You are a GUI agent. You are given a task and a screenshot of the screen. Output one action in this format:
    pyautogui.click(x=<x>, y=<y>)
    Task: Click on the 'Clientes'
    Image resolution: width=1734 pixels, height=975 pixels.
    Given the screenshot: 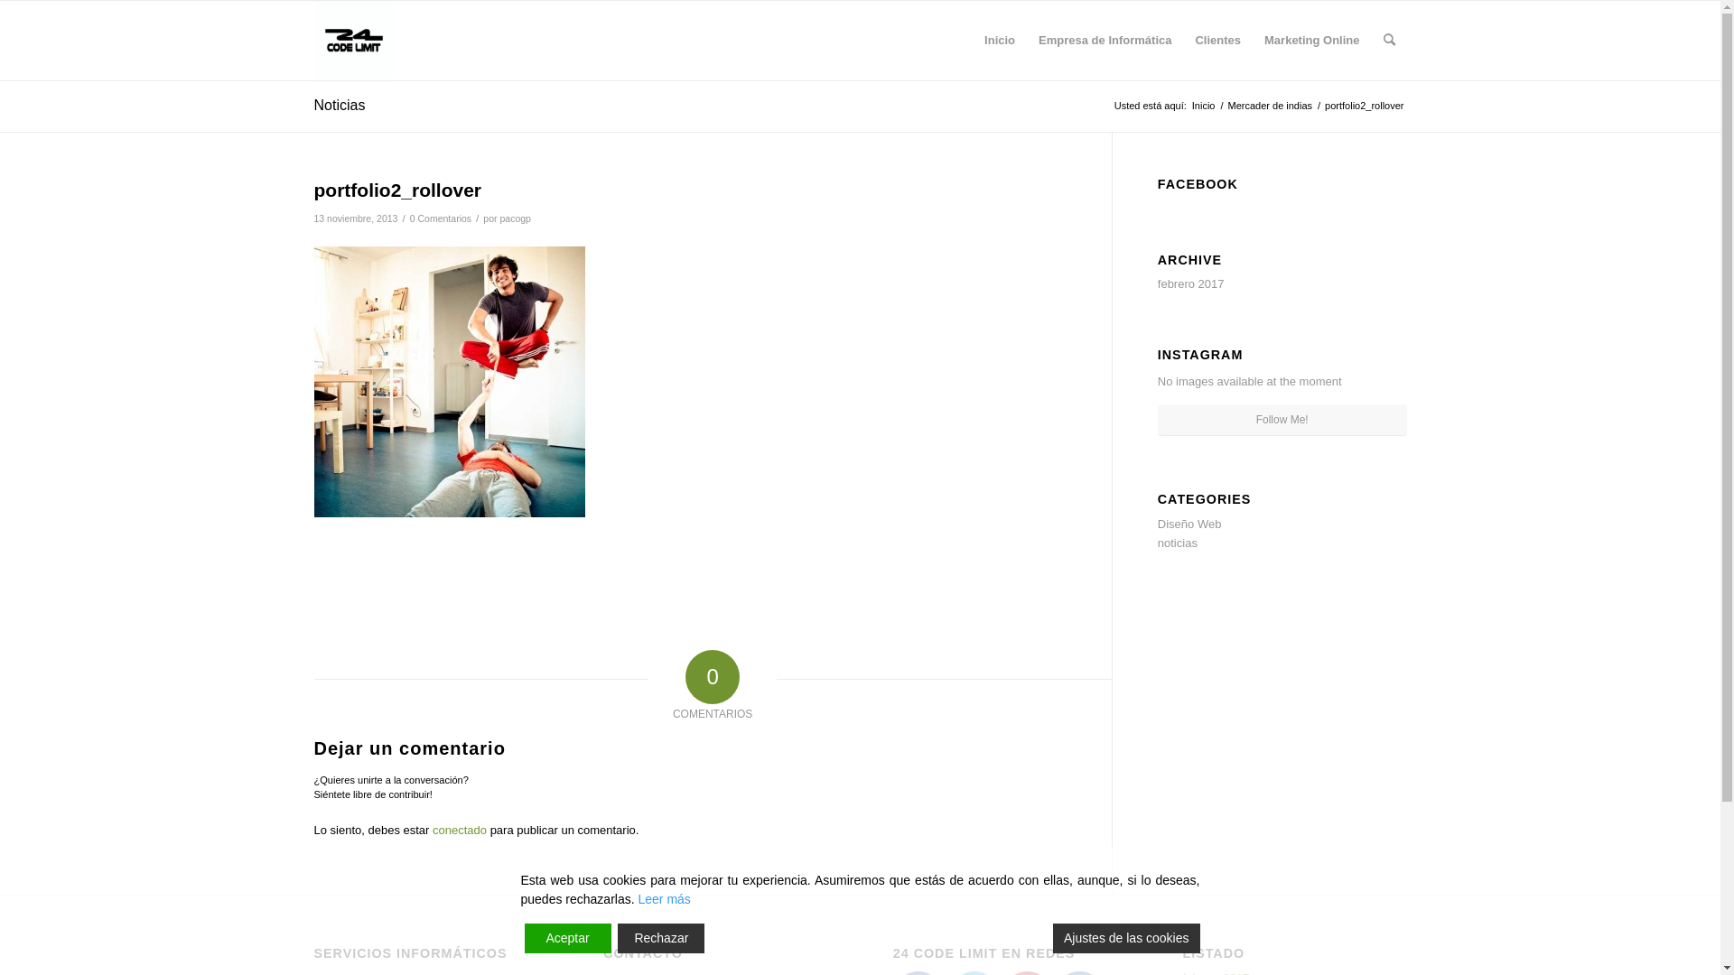 What is the action you would take?
    pyautogui.click(x=1183, y=41)
    